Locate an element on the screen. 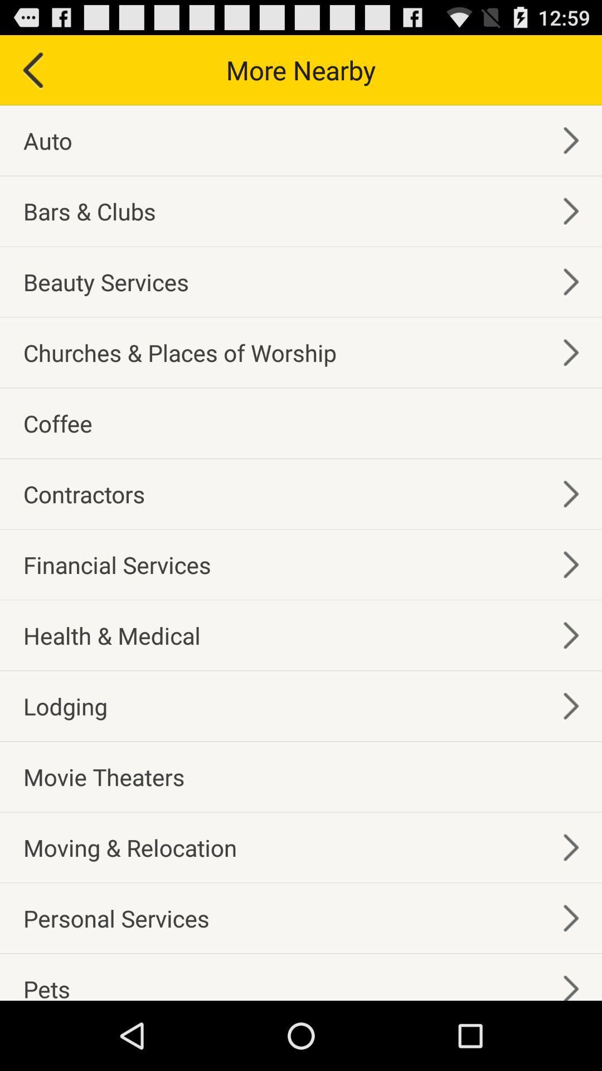 The width and height of the screenshot is (602, 1071). auto is located at coordinates (47, 140).